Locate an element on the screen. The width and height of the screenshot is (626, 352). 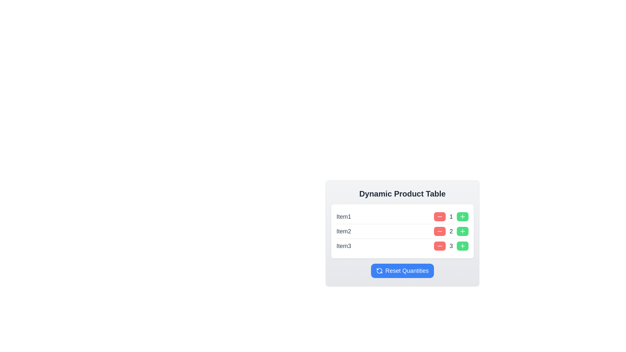
the decrement button in the second row of the table to activate keyboard interactions is located at coordinates (440, 231).